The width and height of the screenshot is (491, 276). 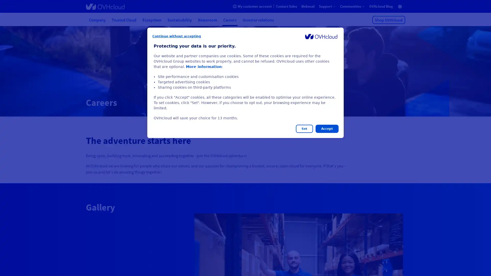 I want to click on Set, so click(x=304, y=129).